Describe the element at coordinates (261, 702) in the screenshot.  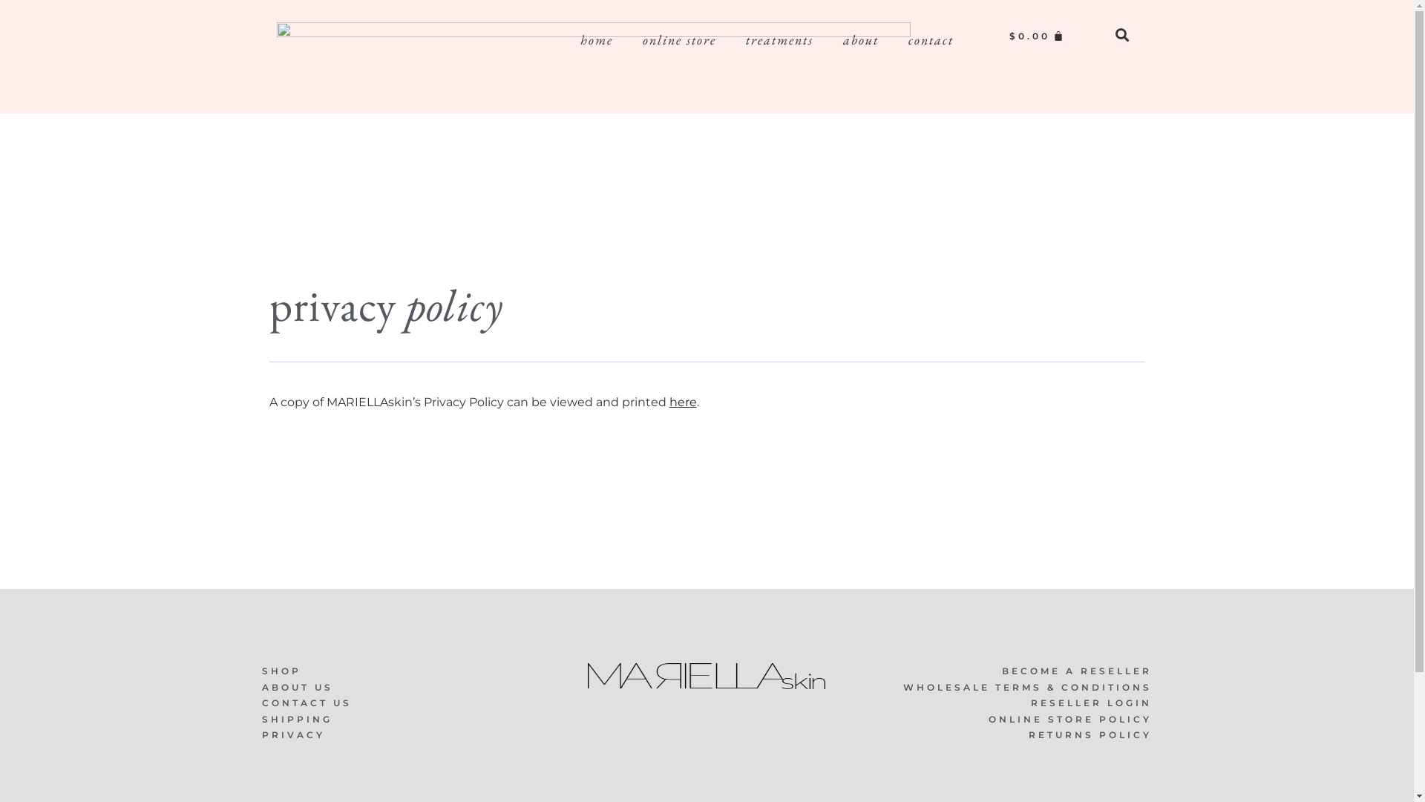
I see `'CONTACT US'` at that location.